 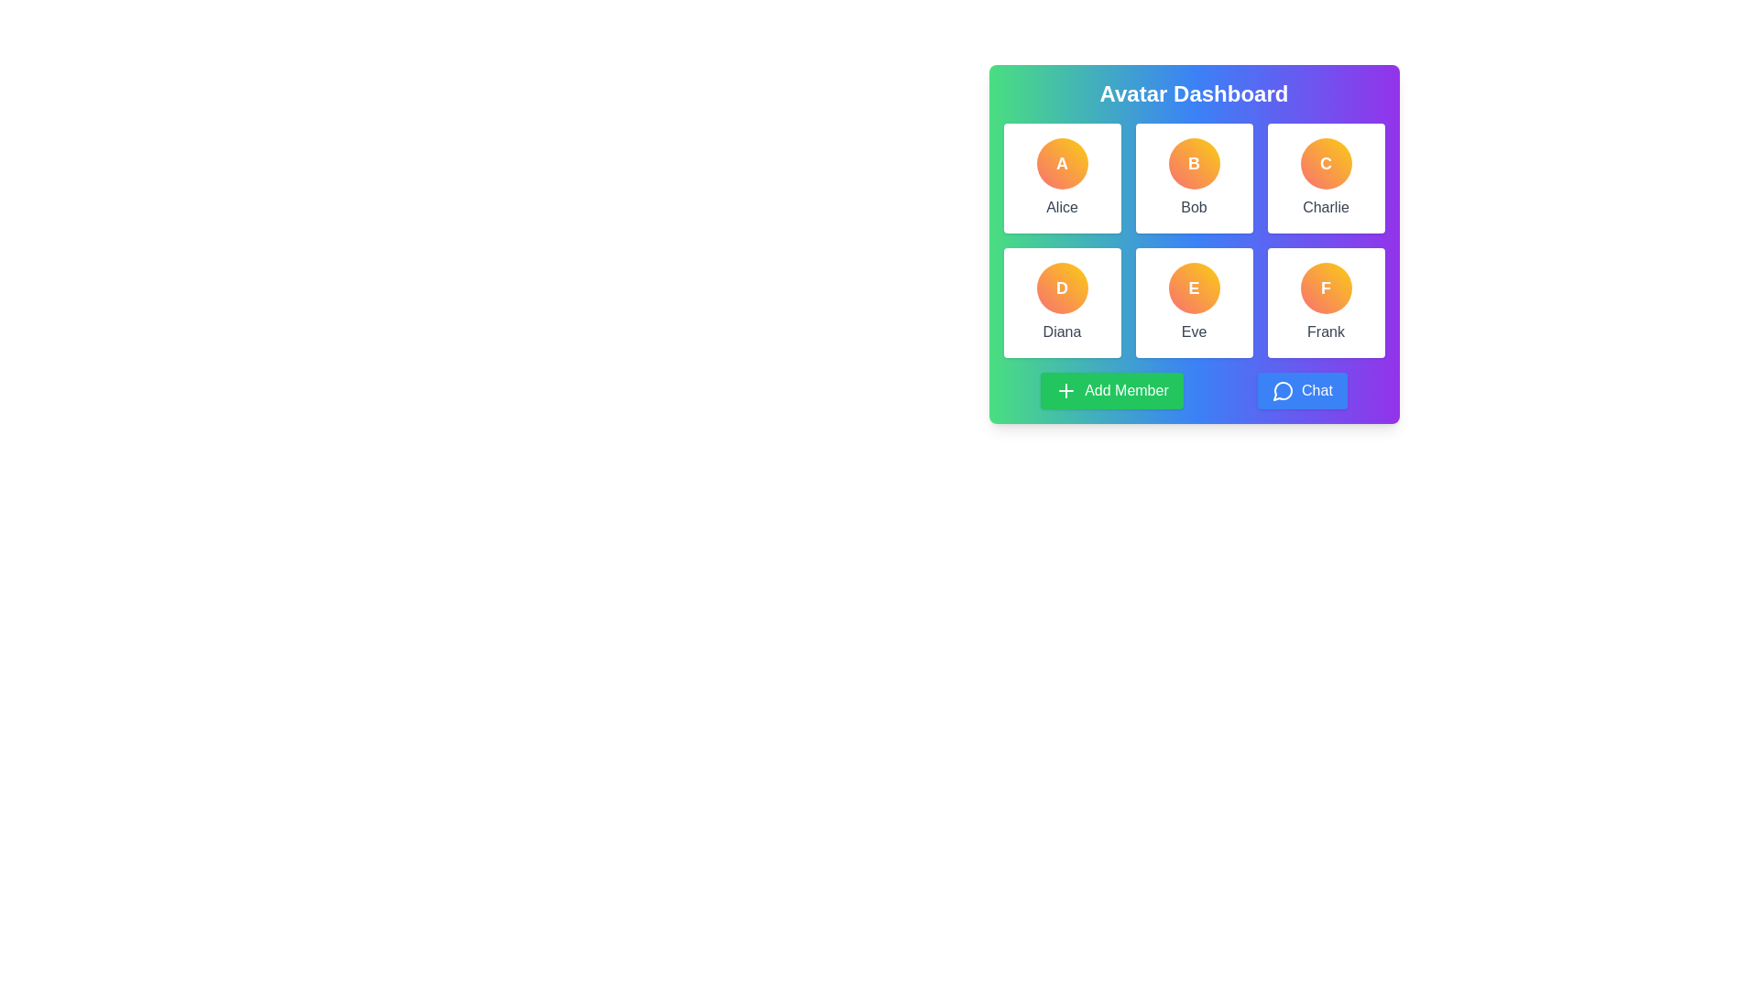 What do you see at coordinates (1066, 390) in the screenshot?
I see `the 'plus' icon located within the green 'Add Member' button on the left side of the button text` at bounding box center [1066, 390].